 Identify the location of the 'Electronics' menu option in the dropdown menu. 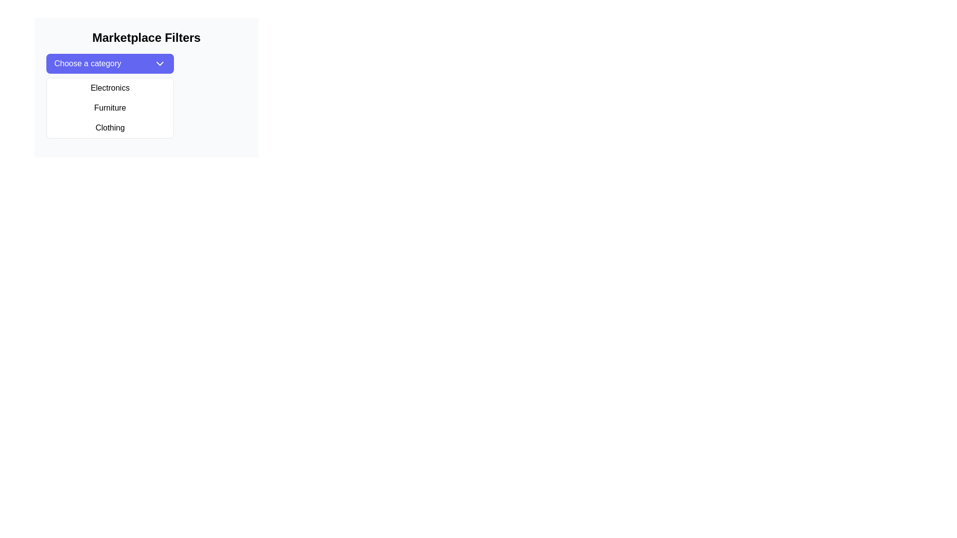
(110, 88).